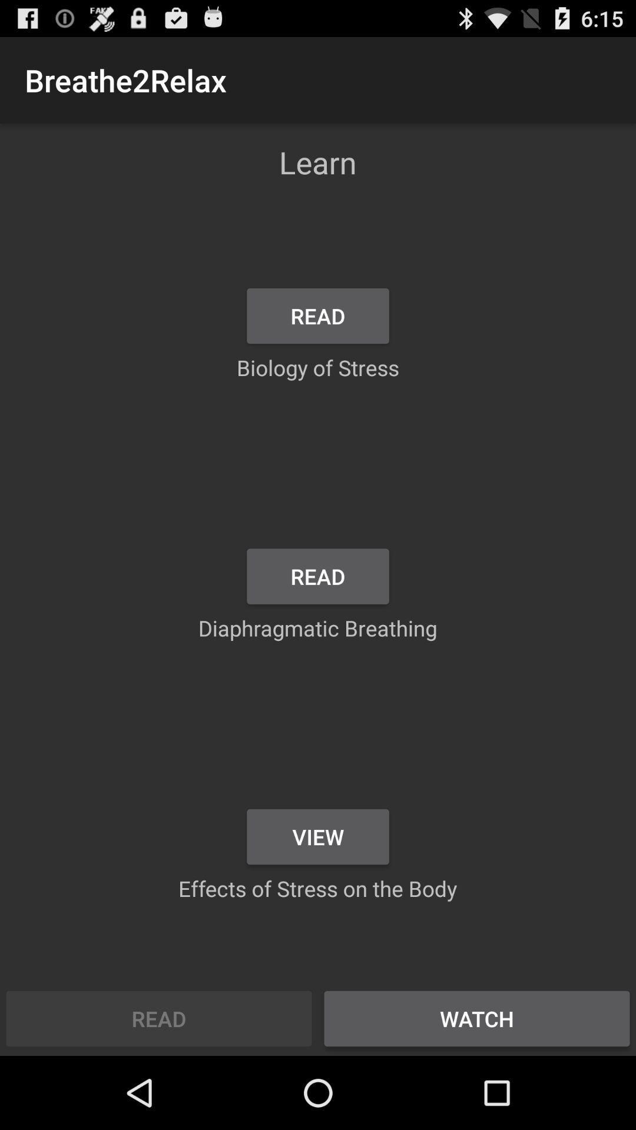 Image resolution: width=636 pixels, height=1130 pixels. What do you see at coordinates (477, 1018) in the screenshot?
I see `the watch item` at bounding box center [477, 1018].